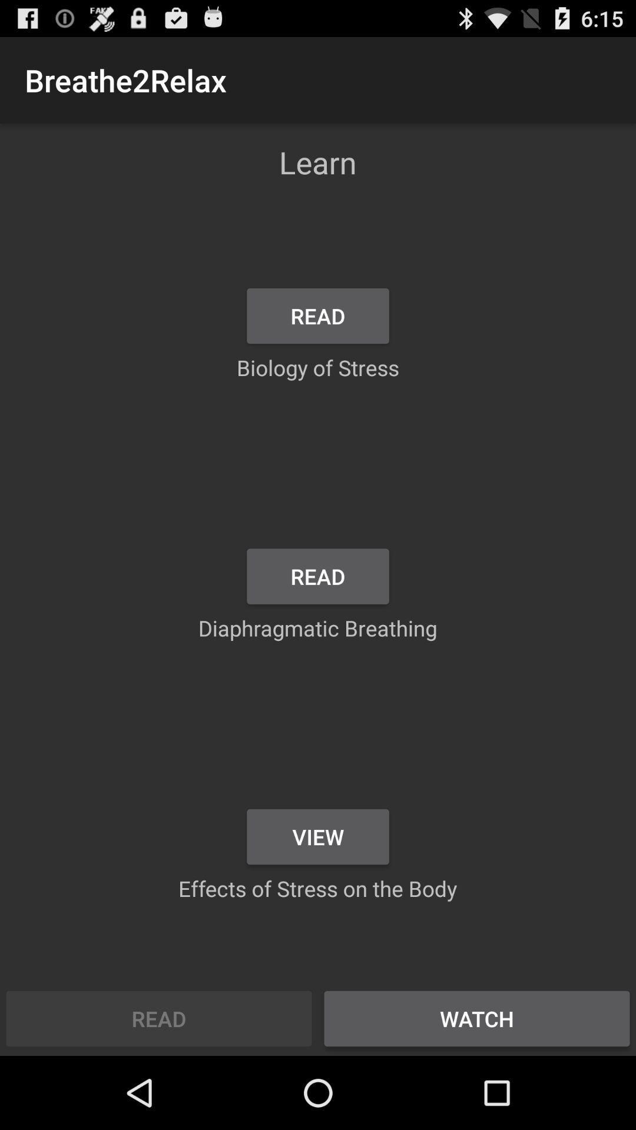 Image resolution: width=636 pixels, height=1130 pixels. What do you see at coordinates (477, 1018) in the screenshot?
I see `the watch item` at bounding box center [477, 1018].